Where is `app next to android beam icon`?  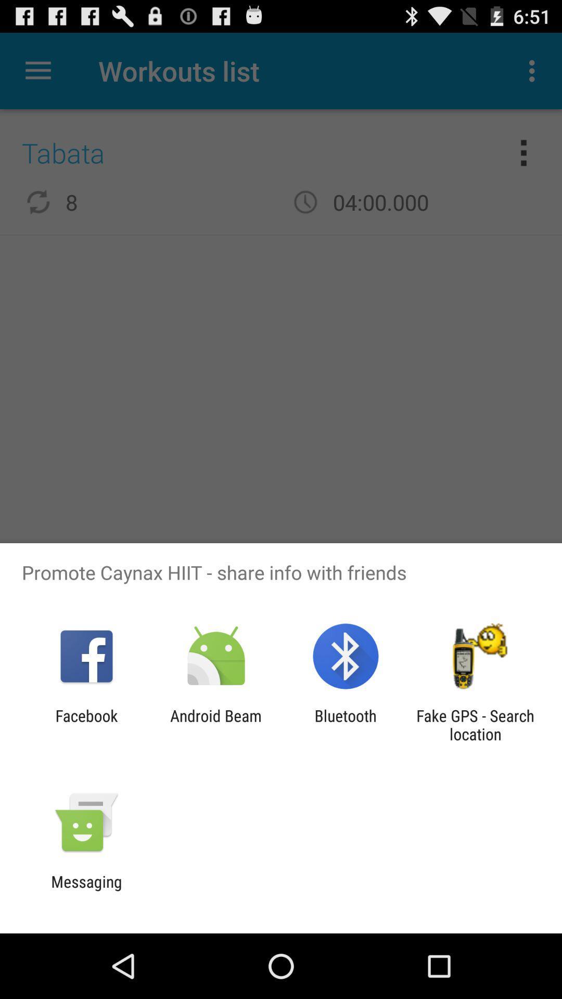 app next to android beam icon is located at coordinates (86, 724).